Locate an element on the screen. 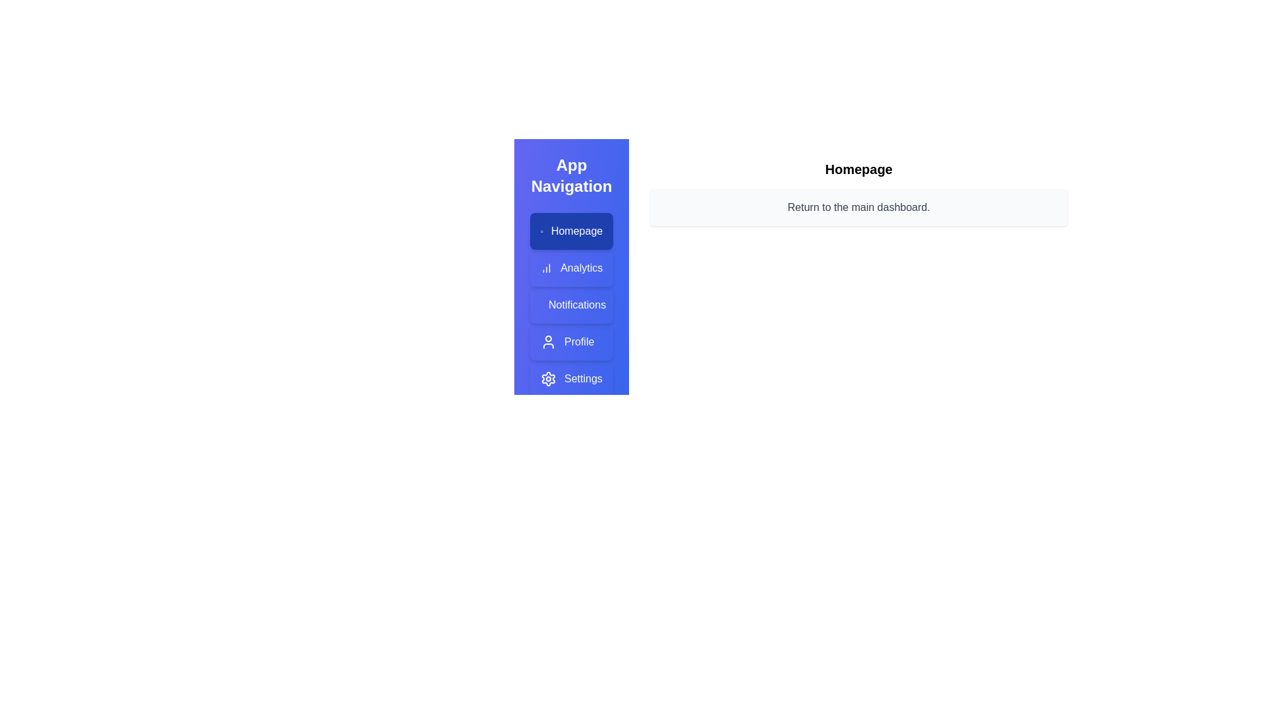 This screenshot has height=712, width=1266. the 'Settings' button, which is the fifth button in the vertical navigation menu on the left side of the page, styled with a blue gradient background and containing a gear icon on the left is located at coordinates (572, 378).